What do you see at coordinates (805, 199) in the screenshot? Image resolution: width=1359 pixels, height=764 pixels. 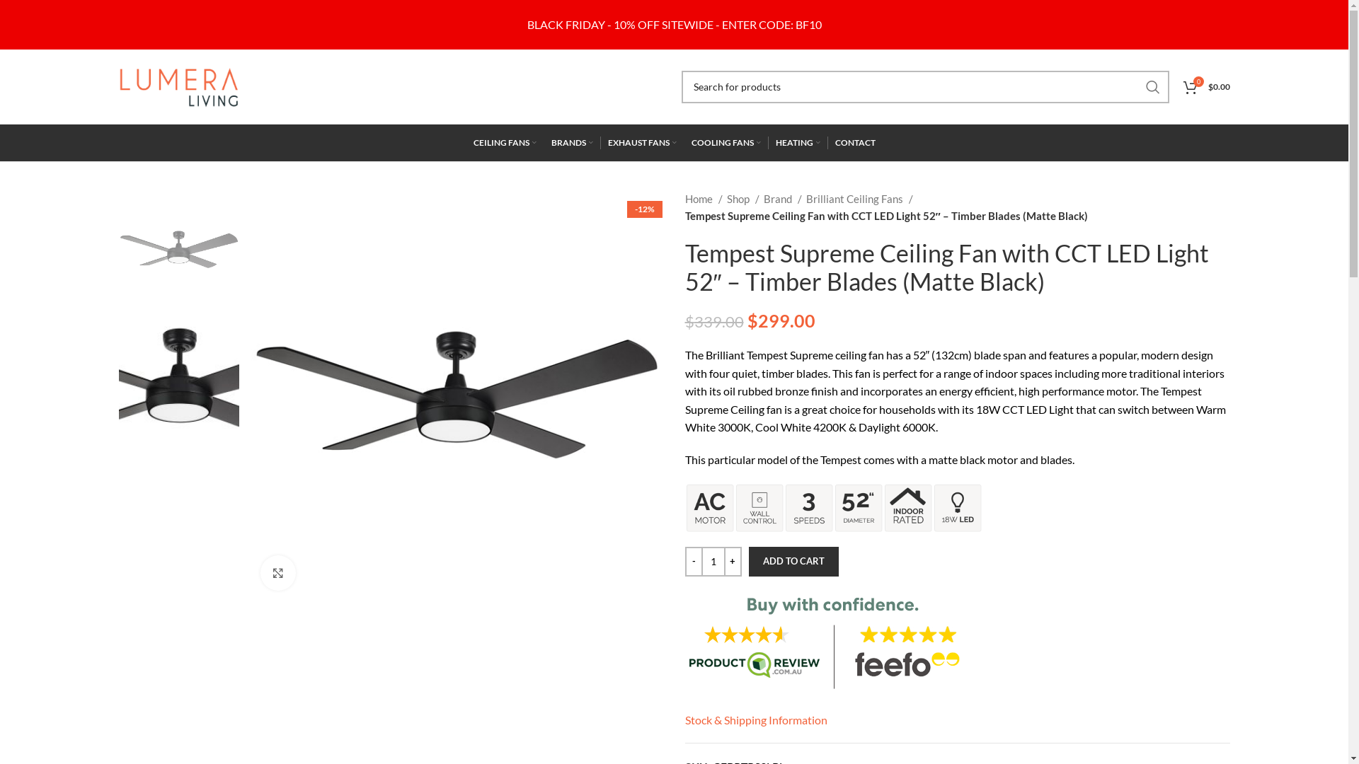 I see `'Brilliant Ceiling Fans'` at bounding box center [805, 199].